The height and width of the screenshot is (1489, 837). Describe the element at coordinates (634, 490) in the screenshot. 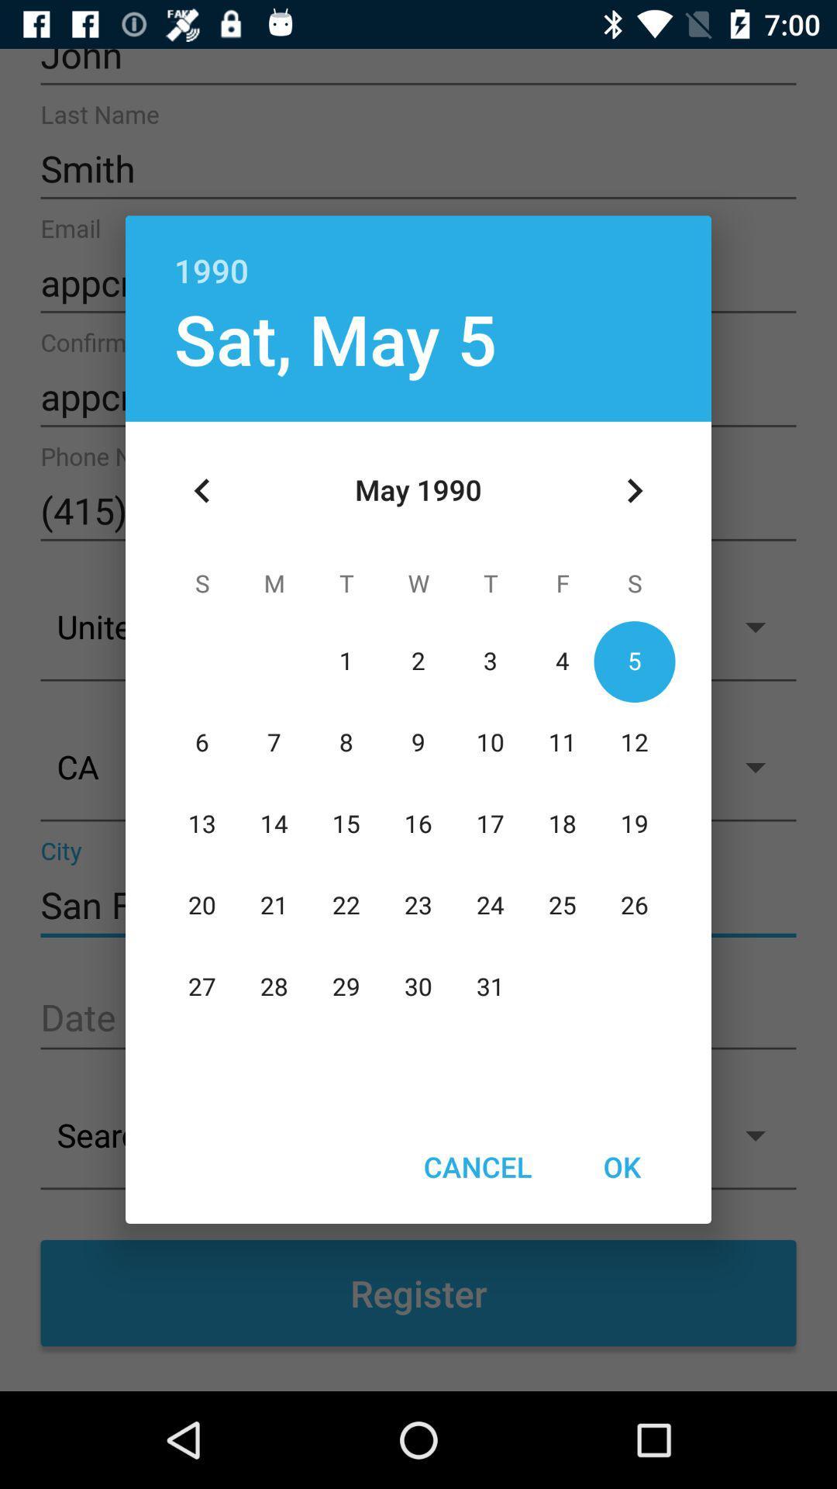

I see `item below 1990 item` at that location.